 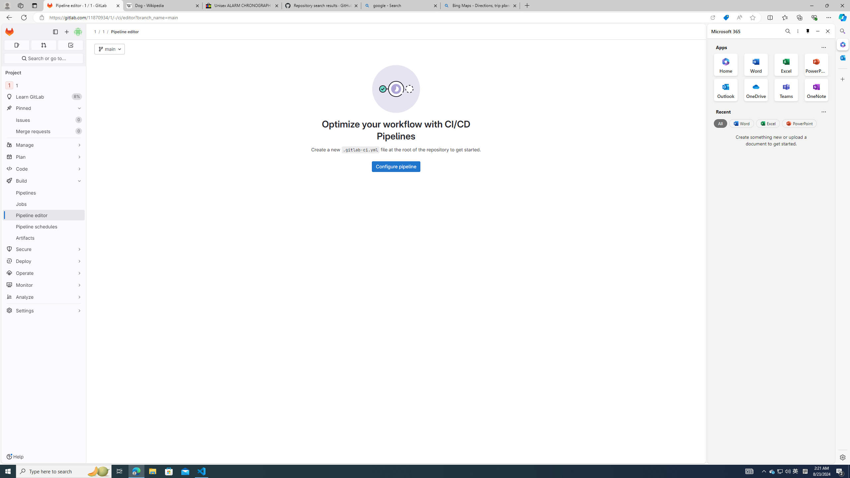 I want to click on 'PowerPoint Office App', so click(x=816, y=65).